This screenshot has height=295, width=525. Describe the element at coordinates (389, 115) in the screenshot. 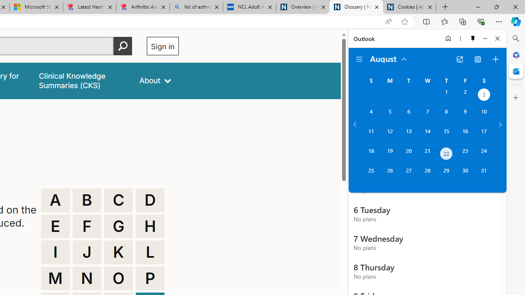

I see `'Monday, August 5, 2024. '` at that location.